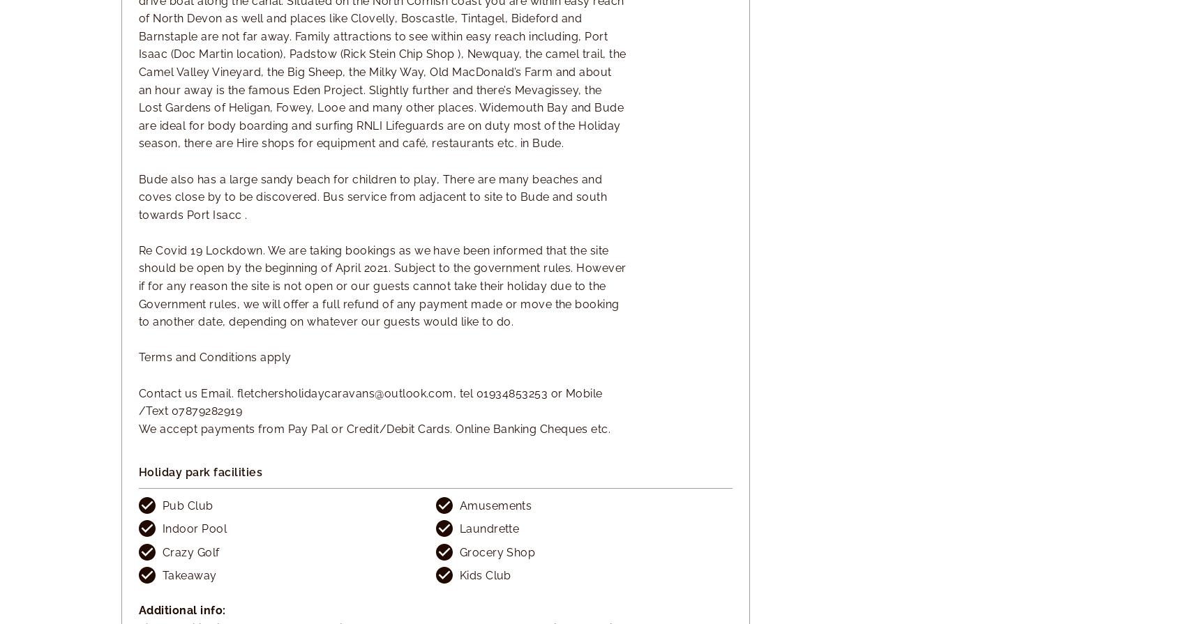 This screenshot has width=1186, height=624. Describe the element at coordinates (497, 551) in the screenshot. I see `'Grocery Shop'` at that location.